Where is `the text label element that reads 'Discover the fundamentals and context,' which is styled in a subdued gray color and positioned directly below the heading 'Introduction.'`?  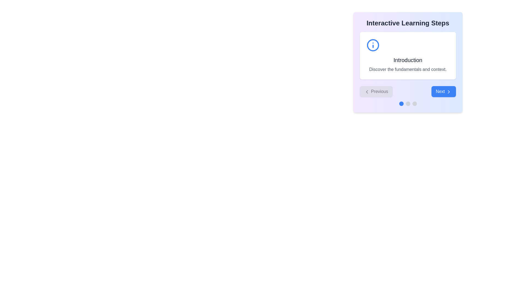 the text label element that reads 'Discover the fundamentals and context,' which is styled in a subdued gray color and positioned directly below the heading 'Introduction.' is located at coordinates (408, 69).